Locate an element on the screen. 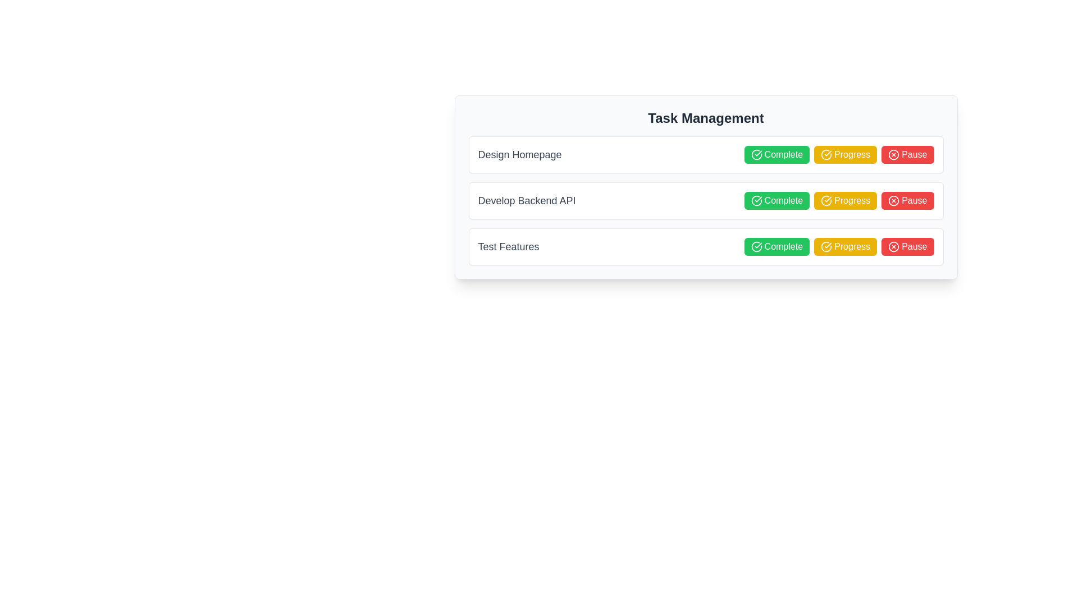 The height and width of the screenshot is (606, 1078). the 'Progress' status update button, which is the second button in the 'Test Features' task control row, positioned between the 'Complete' and 'Pause' buttons is located at coordinates (839, 246).